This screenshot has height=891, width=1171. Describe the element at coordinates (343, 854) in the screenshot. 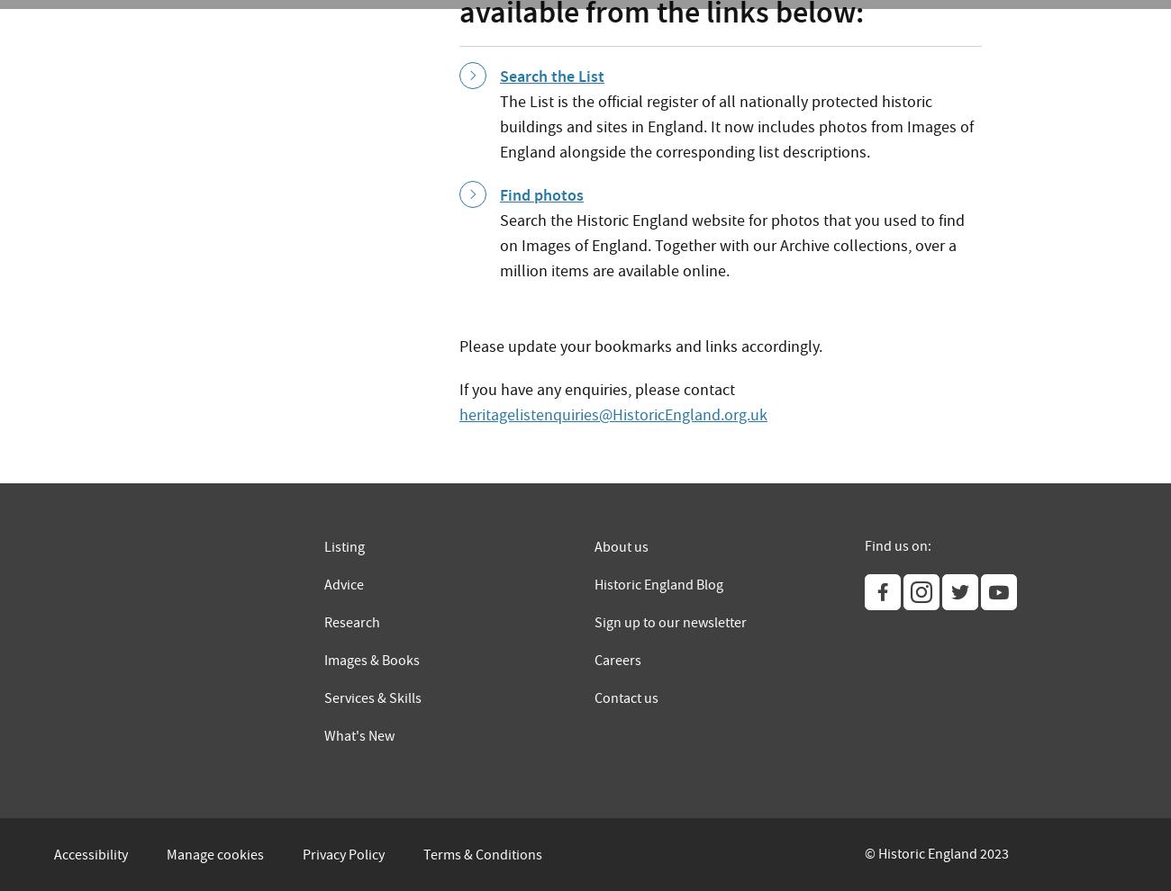

I see `'Privacy Policy'` at that location.